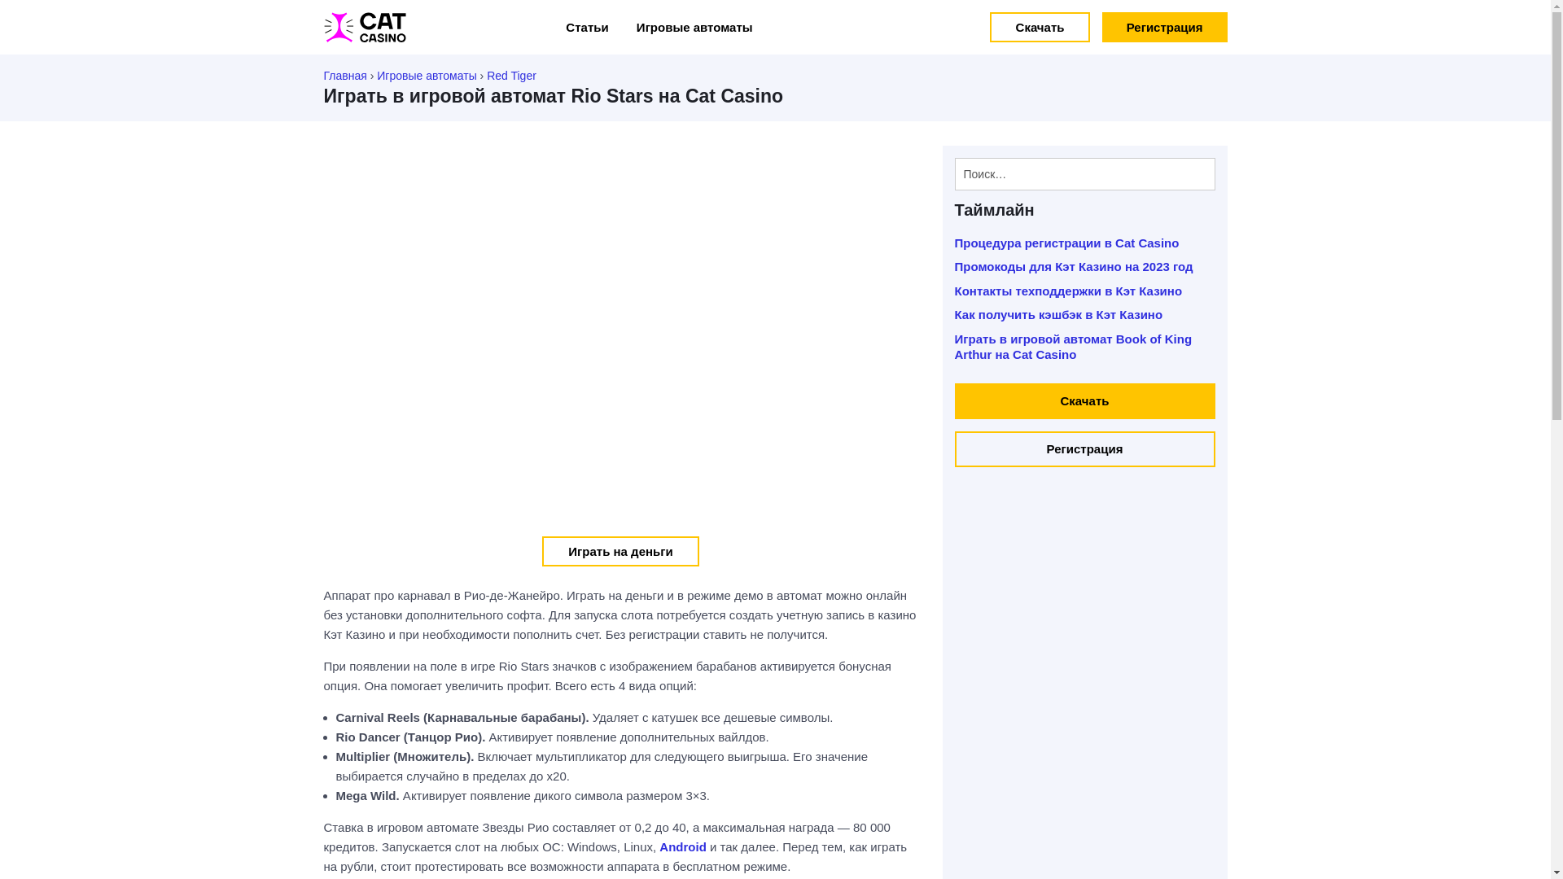 Image resolution: width=1563 pixels, height=879 pixels. What do you see at coordinates (510, 75) in the screenshot?
I see `'Red Tiger'` at bounding box center [510, 75].